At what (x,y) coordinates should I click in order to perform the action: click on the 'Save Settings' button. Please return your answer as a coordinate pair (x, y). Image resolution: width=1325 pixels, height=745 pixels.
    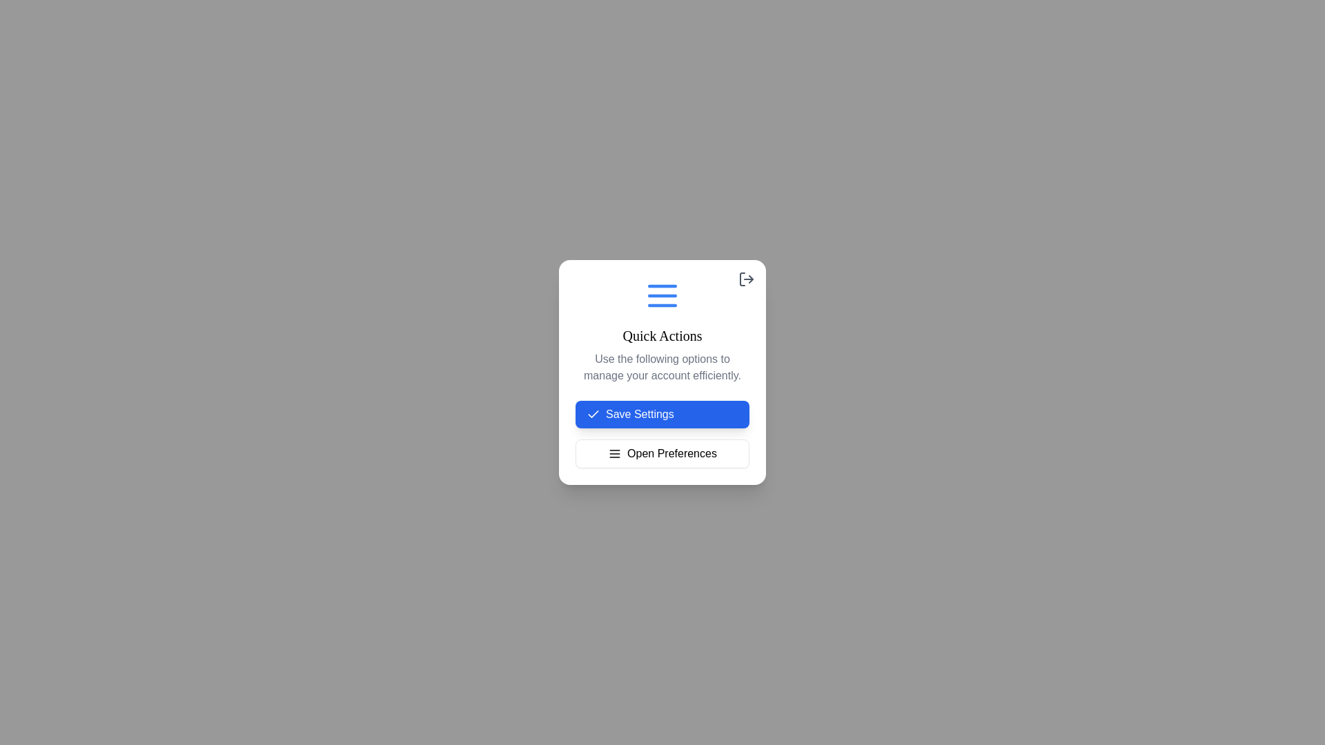
    Looking at the image, I should click on (662, 414).